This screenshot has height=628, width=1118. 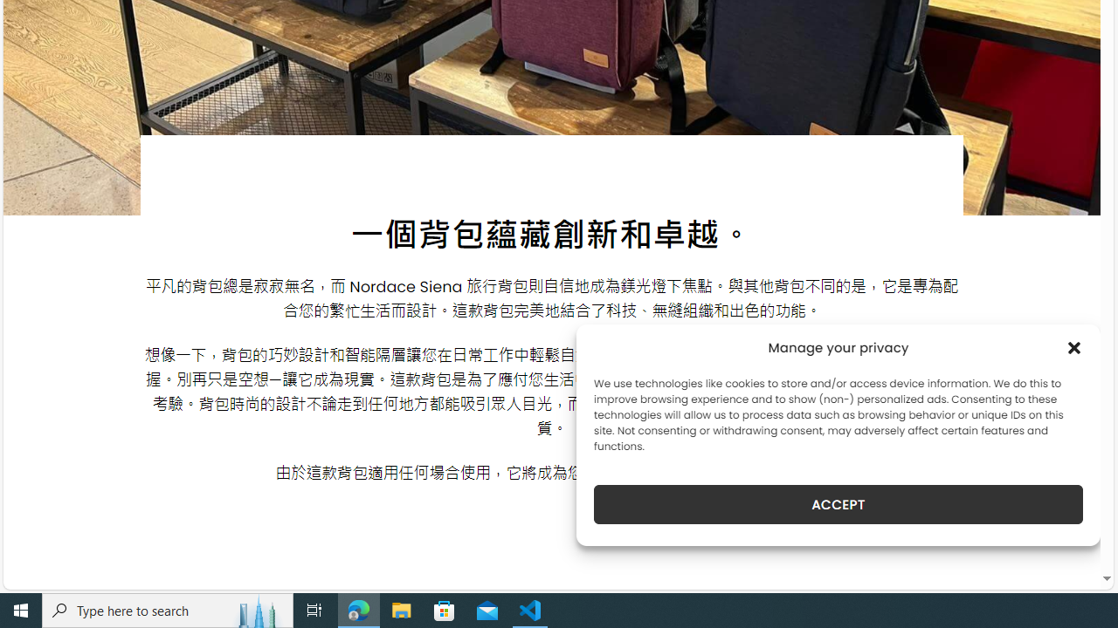 I want to click on 'Class: cmplz-close', so click(x=1073, y=347).